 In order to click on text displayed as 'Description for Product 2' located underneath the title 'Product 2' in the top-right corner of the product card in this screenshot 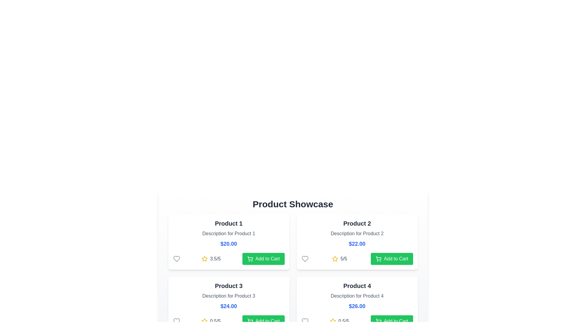, I will do `click(357, 233)`.